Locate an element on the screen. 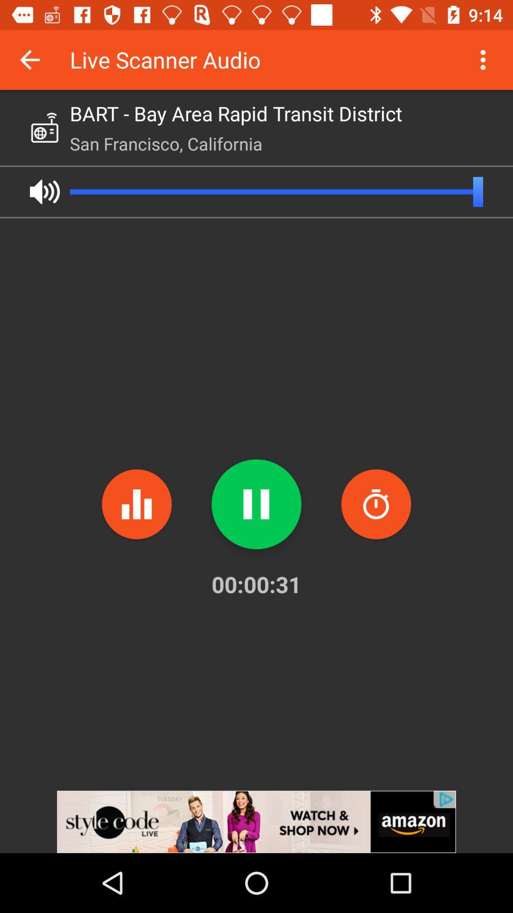 The width and height of the screenshot is (513, 913). more is located at coordinates (483, 59).